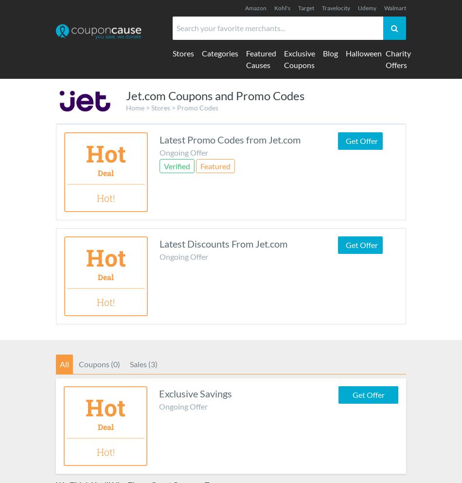 This screenshot has width=462, height=483. I want to click on 'Latest Discounts From Jet.com', so click(222, 243).